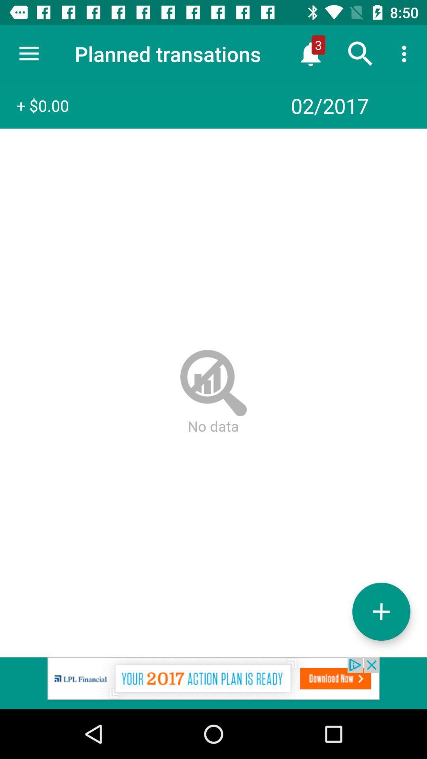  I want to click on open this advertisement, so click(213, 683).